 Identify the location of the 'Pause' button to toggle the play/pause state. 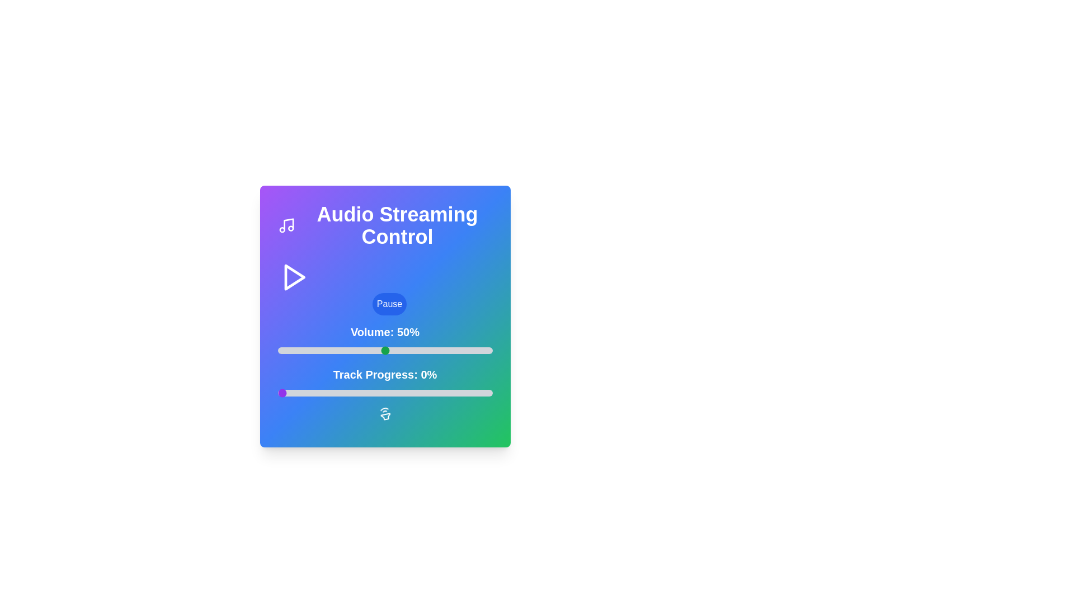
(389, 304).